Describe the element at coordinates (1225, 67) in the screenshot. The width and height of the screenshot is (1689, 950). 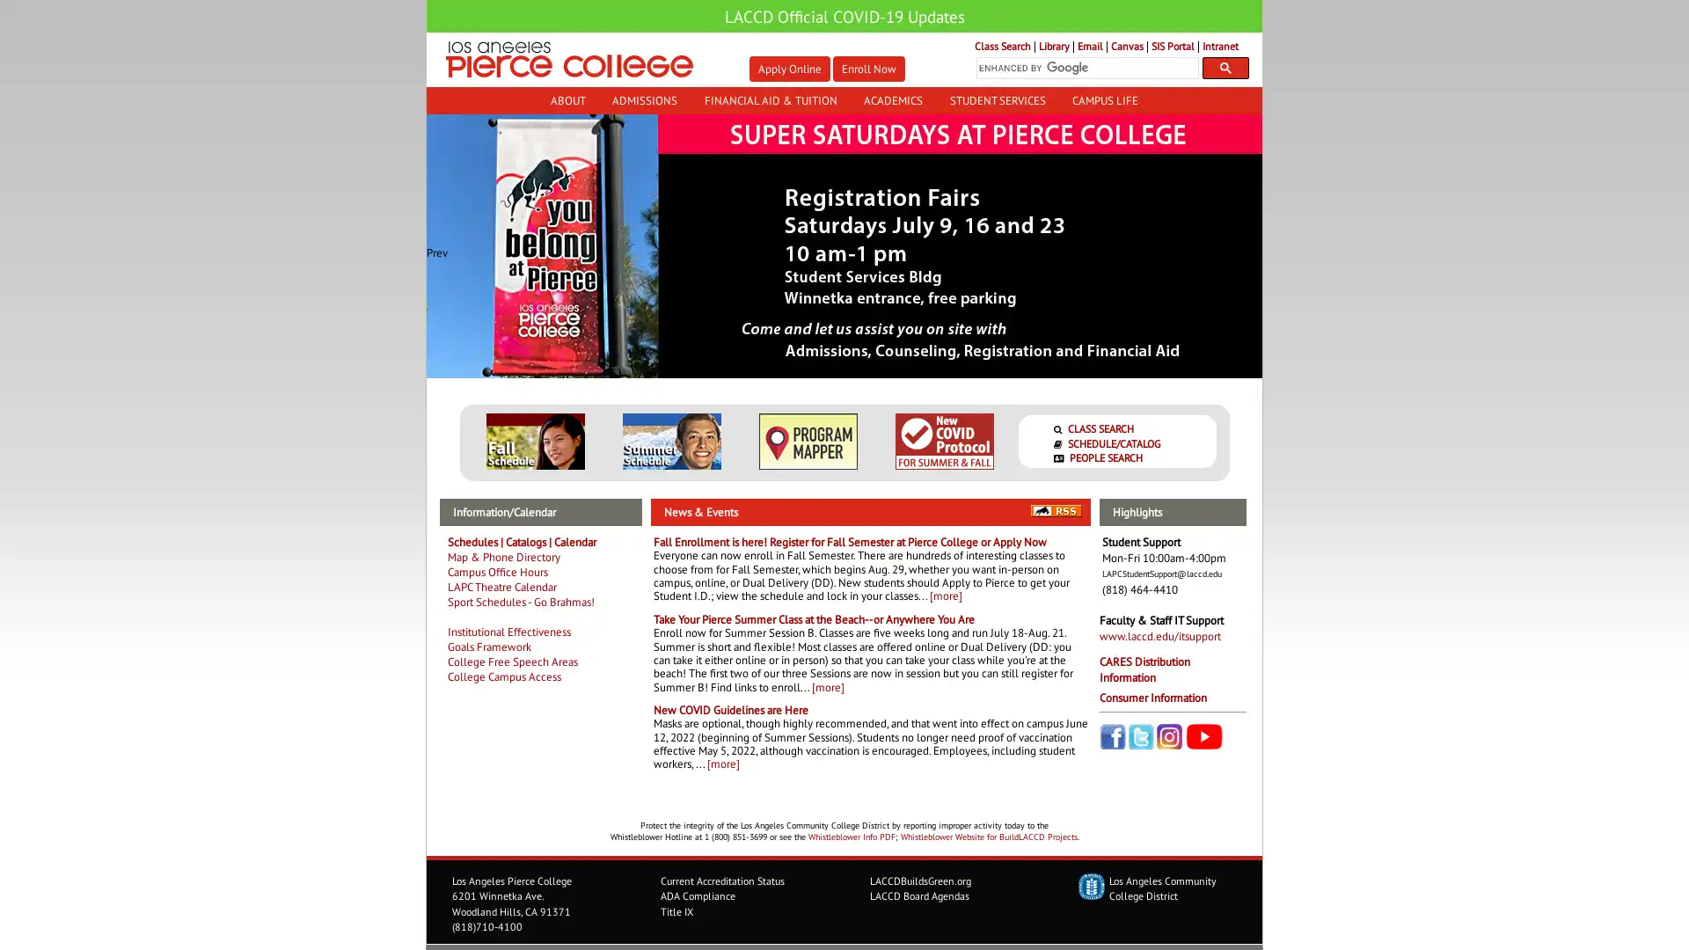
I see `search` at that location.